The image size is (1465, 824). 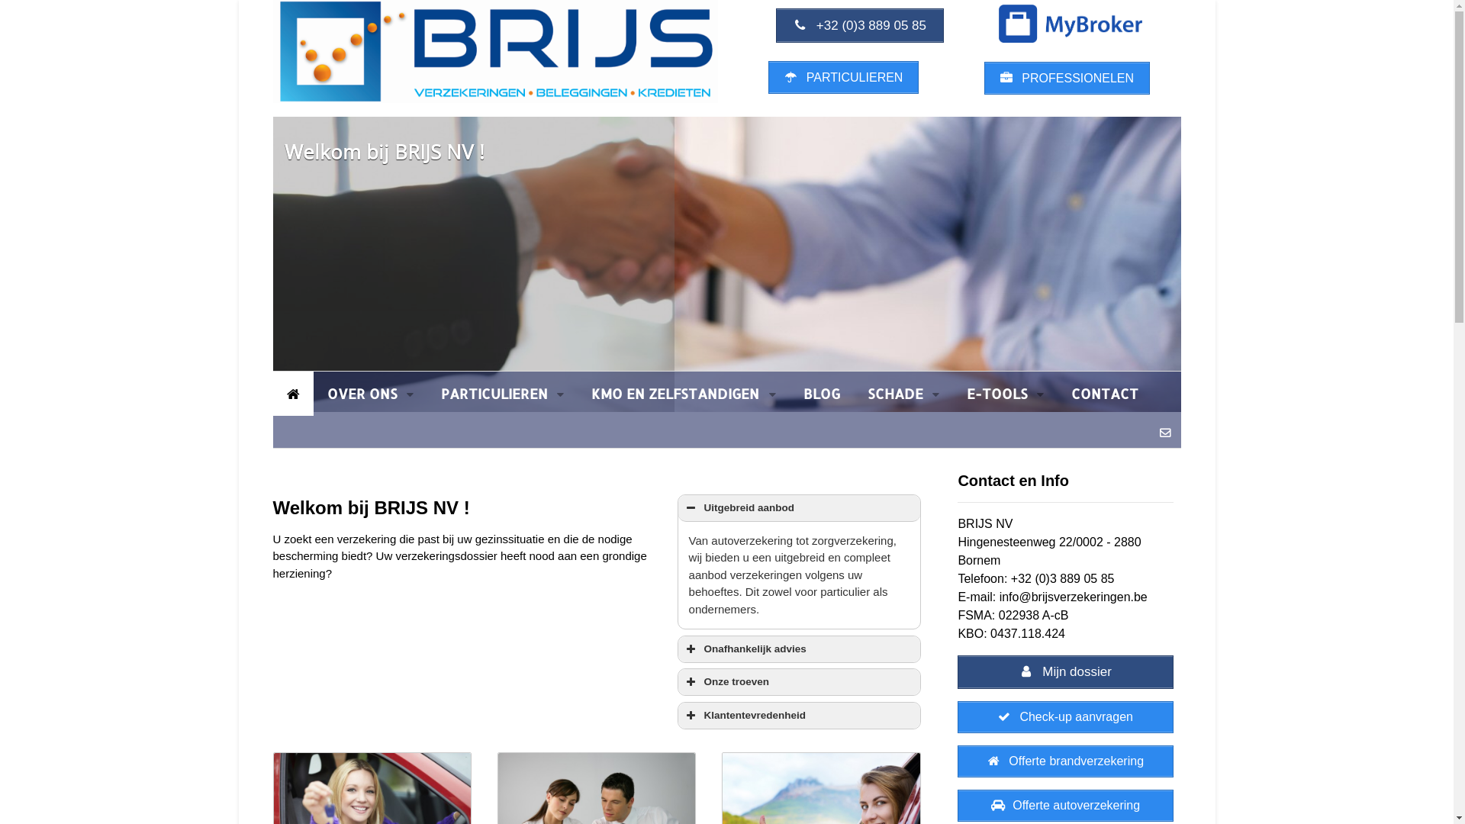 I want to click on 'PROFESSIONELEN', so click(x=1065, y=78).